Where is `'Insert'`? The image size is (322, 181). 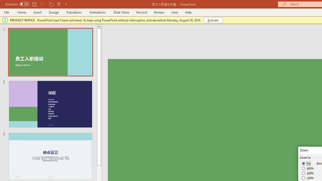 'Insert' is located at coordinates (37, 12).